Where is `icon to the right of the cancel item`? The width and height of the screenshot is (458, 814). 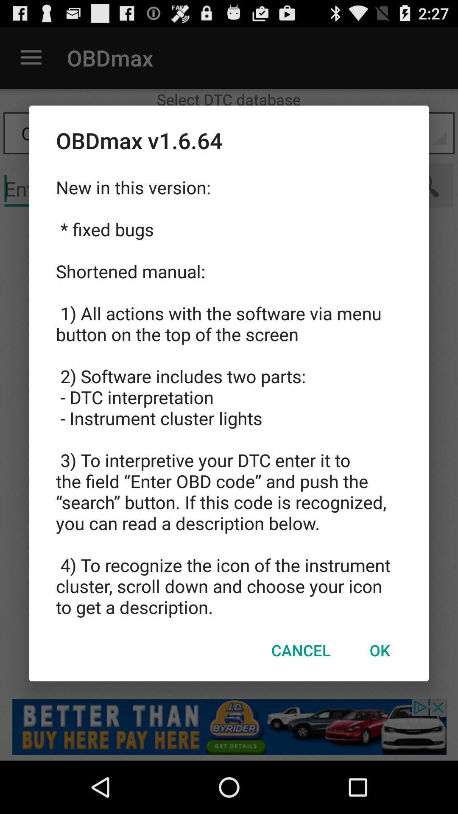
icon to the right of the cancel item is located at coordinates (379, 650).